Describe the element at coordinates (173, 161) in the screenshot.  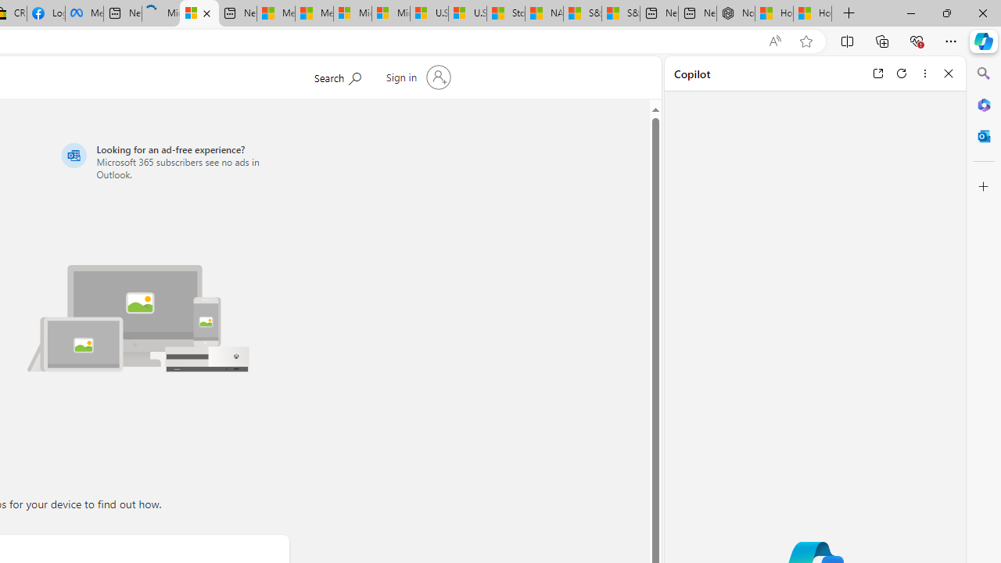
I see `'Looking for an ad-free experience?'` at that location.